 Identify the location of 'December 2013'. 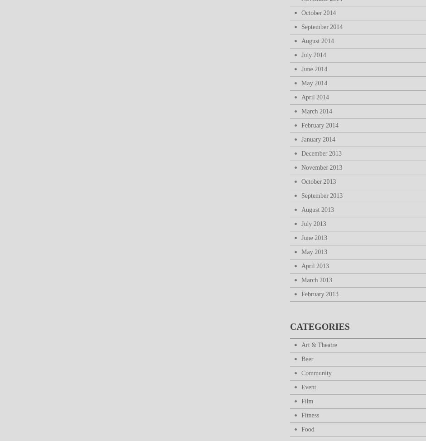
(321, 153).